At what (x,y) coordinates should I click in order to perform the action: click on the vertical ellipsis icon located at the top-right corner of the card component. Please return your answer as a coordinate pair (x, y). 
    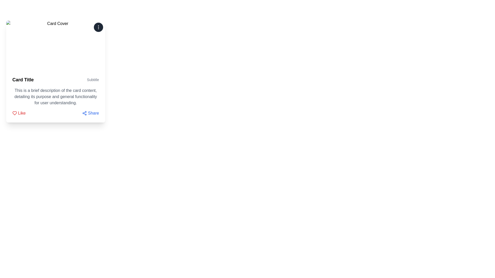
    Looking at the image, I should click on (98, 27).